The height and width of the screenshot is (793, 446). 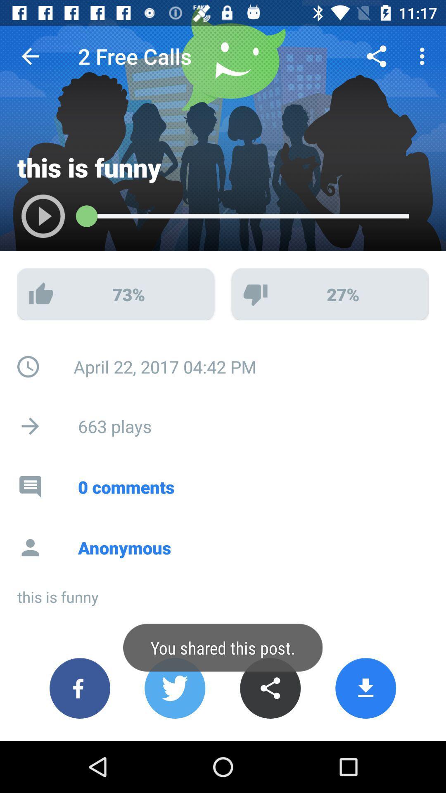 What do you see at coordinates (270, 688) in the screenshot?
I see `share this` at bounding box center [270, 688].